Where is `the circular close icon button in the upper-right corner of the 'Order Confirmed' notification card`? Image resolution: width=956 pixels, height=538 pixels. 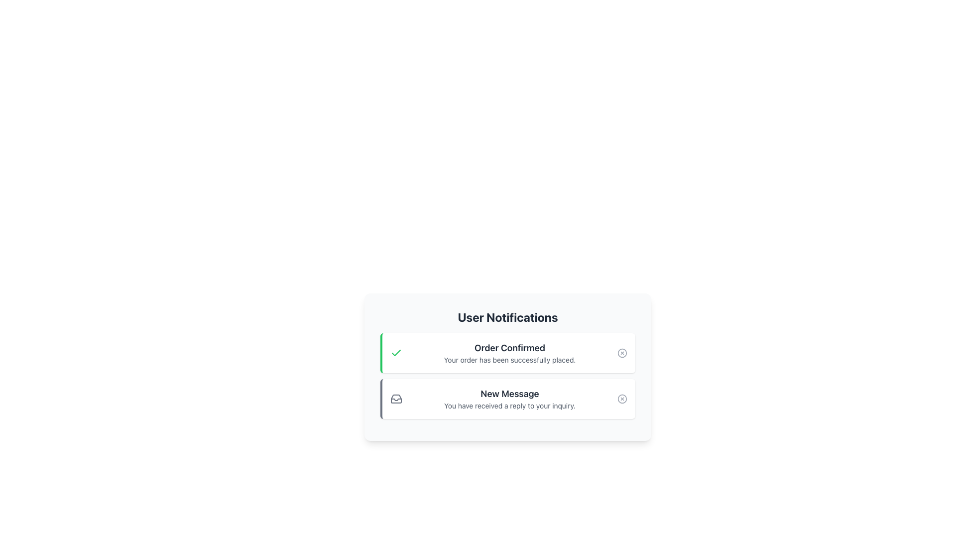
the circular close icon button in the upper-right corner of the 'Order Confirmed' notification card is located at coordinates (621, 353).